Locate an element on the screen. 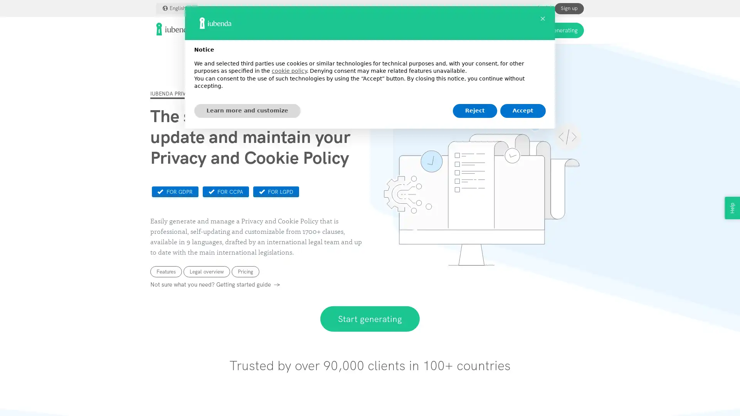  Learn more and customize is located at coordinates (247, 110).